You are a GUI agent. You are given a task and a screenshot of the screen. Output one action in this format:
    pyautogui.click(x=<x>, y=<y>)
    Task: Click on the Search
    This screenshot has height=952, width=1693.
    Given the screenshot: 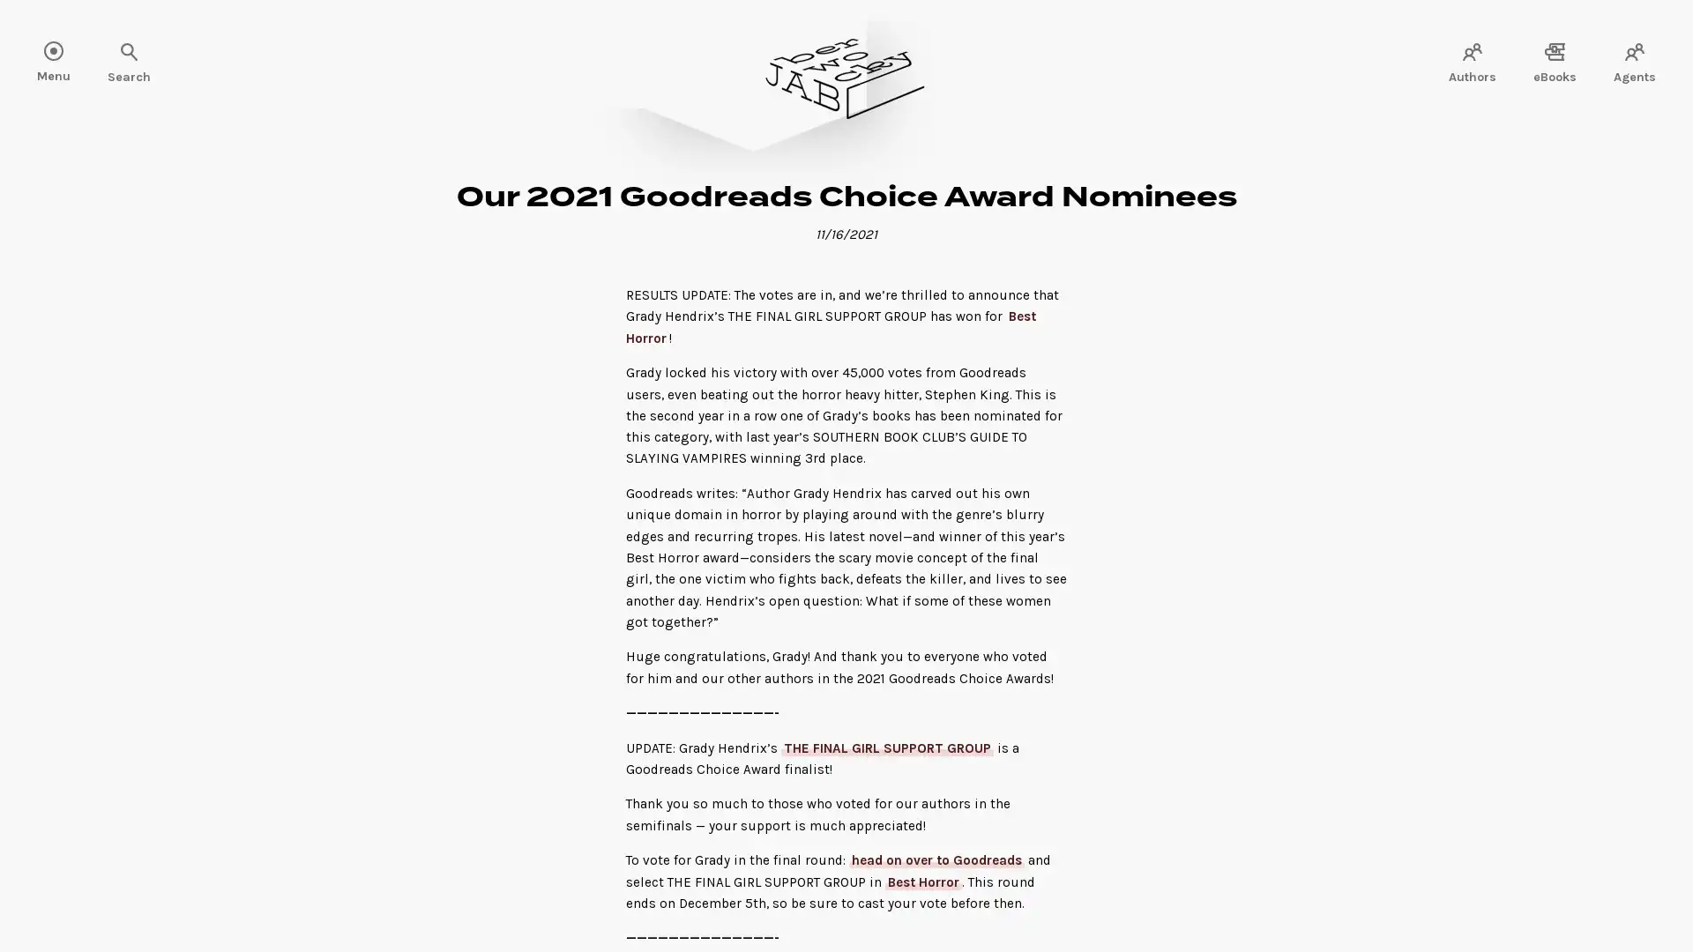 What is the action you would take?
    pyautogui.click(x=71, y=53)
    